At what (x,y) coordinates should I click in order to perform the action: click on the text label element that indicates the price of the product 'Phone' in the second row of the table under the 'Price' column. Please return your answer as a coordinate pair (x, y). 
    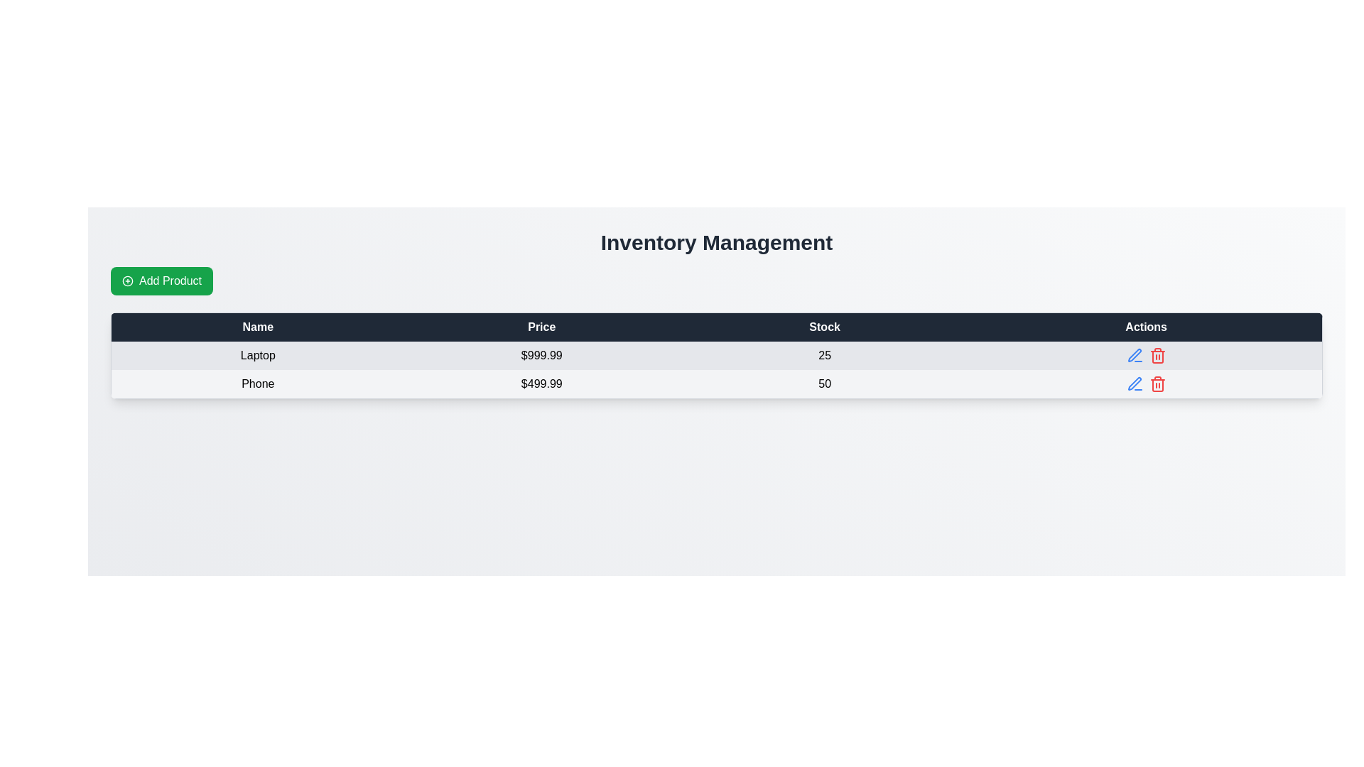
    Looking at the image, I should click on (541, 384).